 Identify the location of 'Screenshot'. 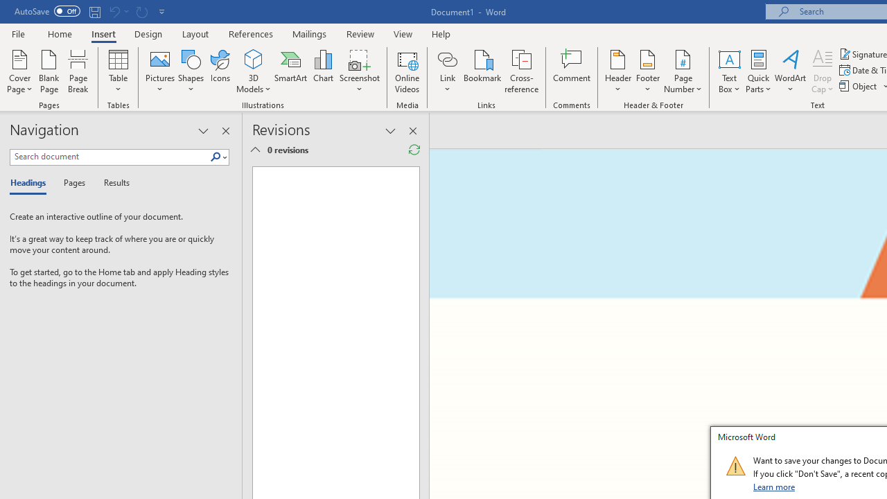
(360, 71).